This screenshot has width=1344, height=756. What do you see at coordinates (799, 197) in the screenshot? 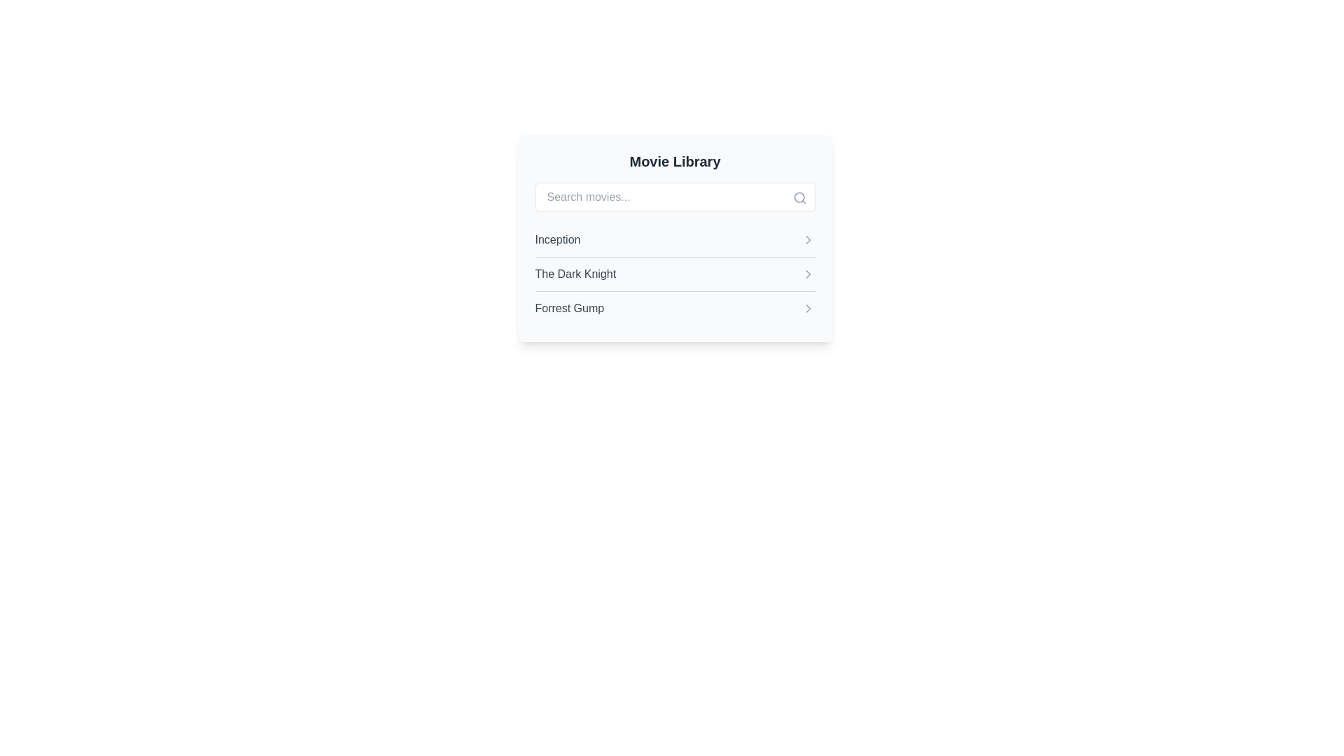
I see `the circular part of the magnifying glass icon indicating the search functionality within the 'Movie Library' UI module` at bounding box center [799, 197].